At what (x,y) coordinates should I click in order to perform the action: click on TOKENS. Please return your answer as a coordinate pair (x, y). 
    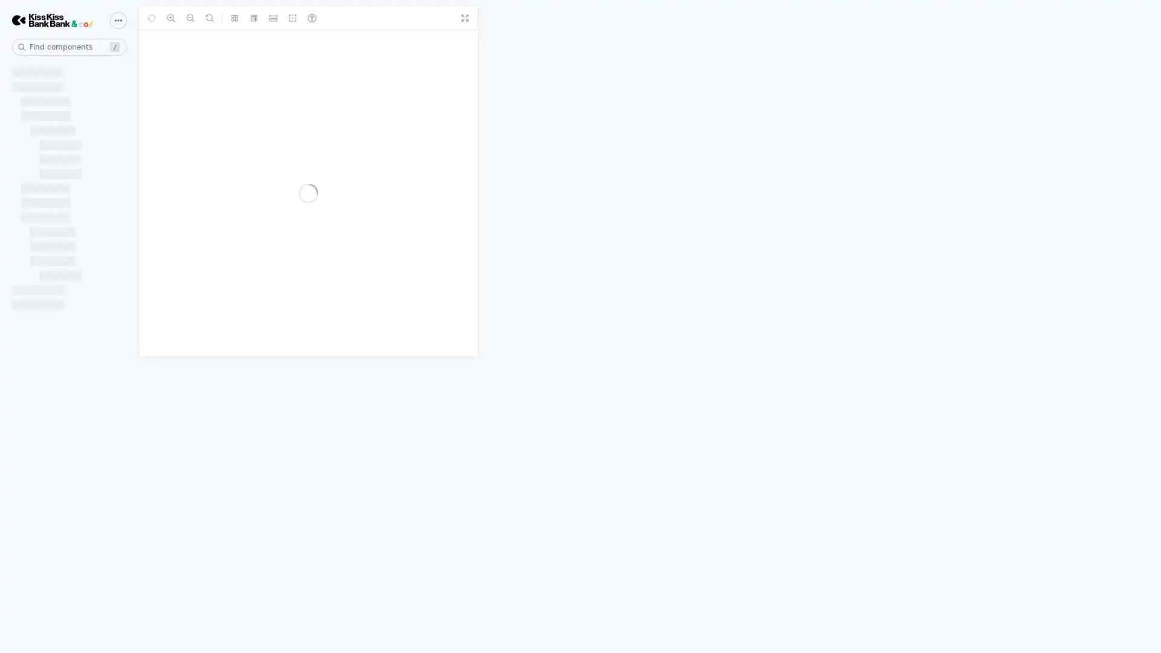
    Looking at the image, I should click on (31, 230).